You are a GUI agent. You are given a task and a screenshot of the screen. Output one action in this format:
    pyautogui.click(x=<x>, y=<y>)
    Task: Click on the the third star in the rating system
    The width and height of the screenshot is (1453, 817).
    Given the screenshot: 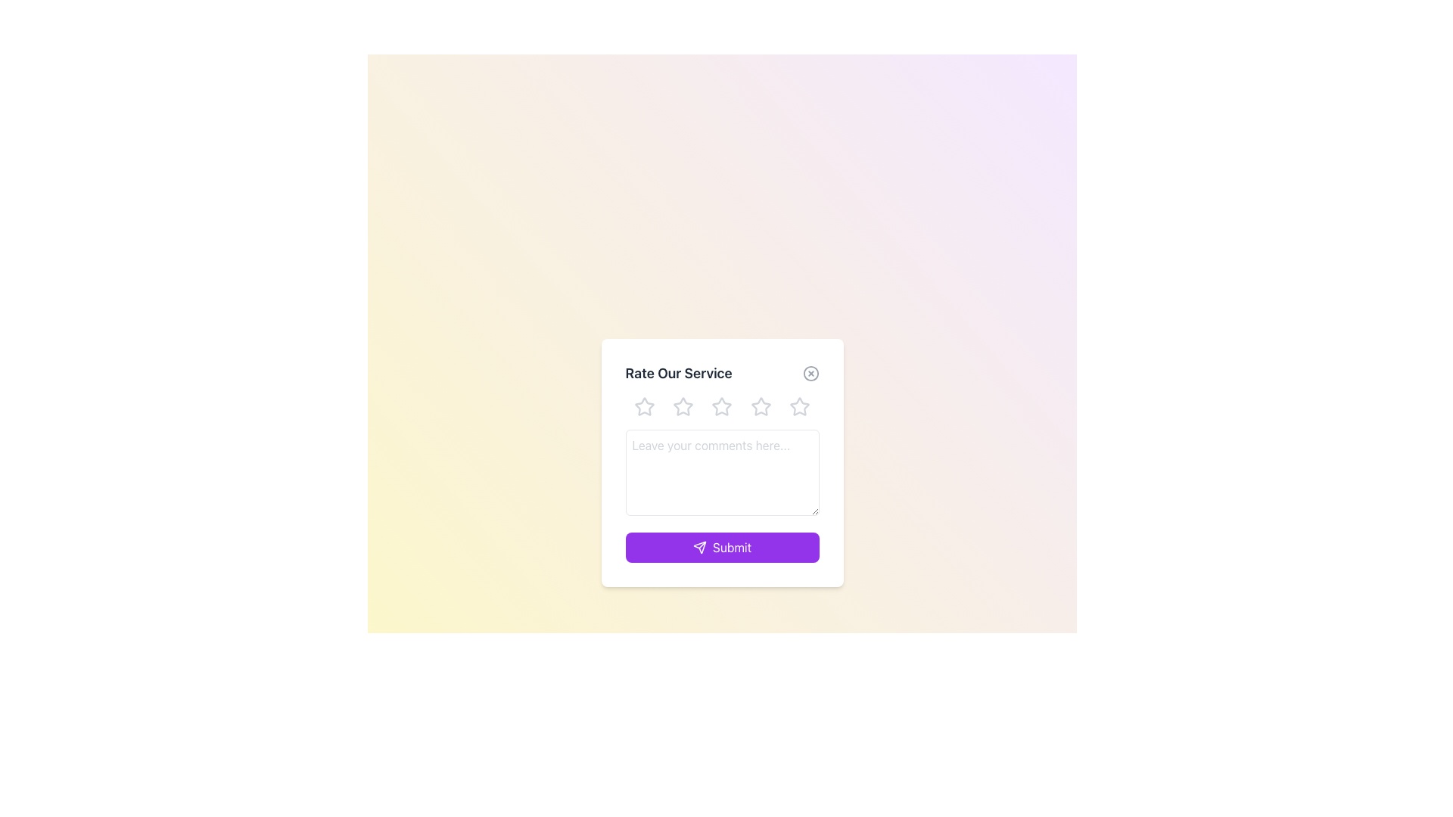 What is the action you would take?
    pyautogui.click(x=721, y=405)
    